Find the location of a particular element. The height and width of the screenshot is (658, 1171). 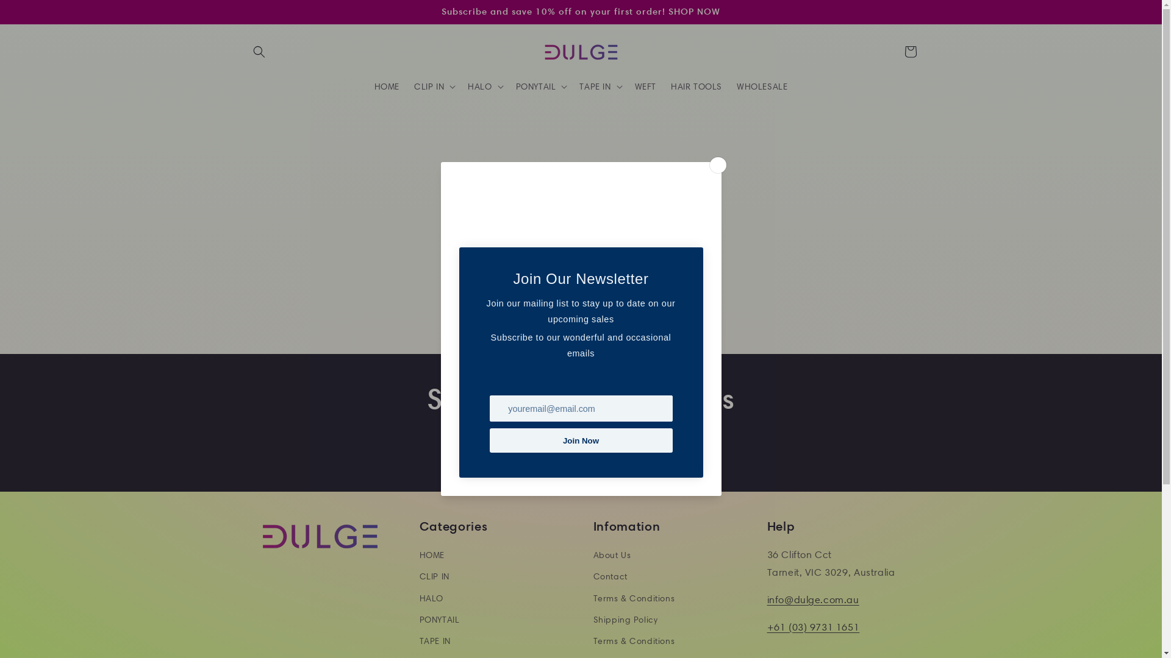

'Shipping Policy' is located at coordinates (592, 620).